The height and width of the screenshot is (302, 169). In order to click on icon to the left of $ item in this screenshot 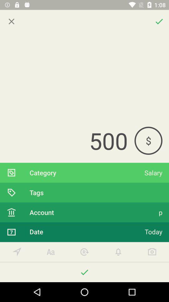, I will do `click(67, 141)`.